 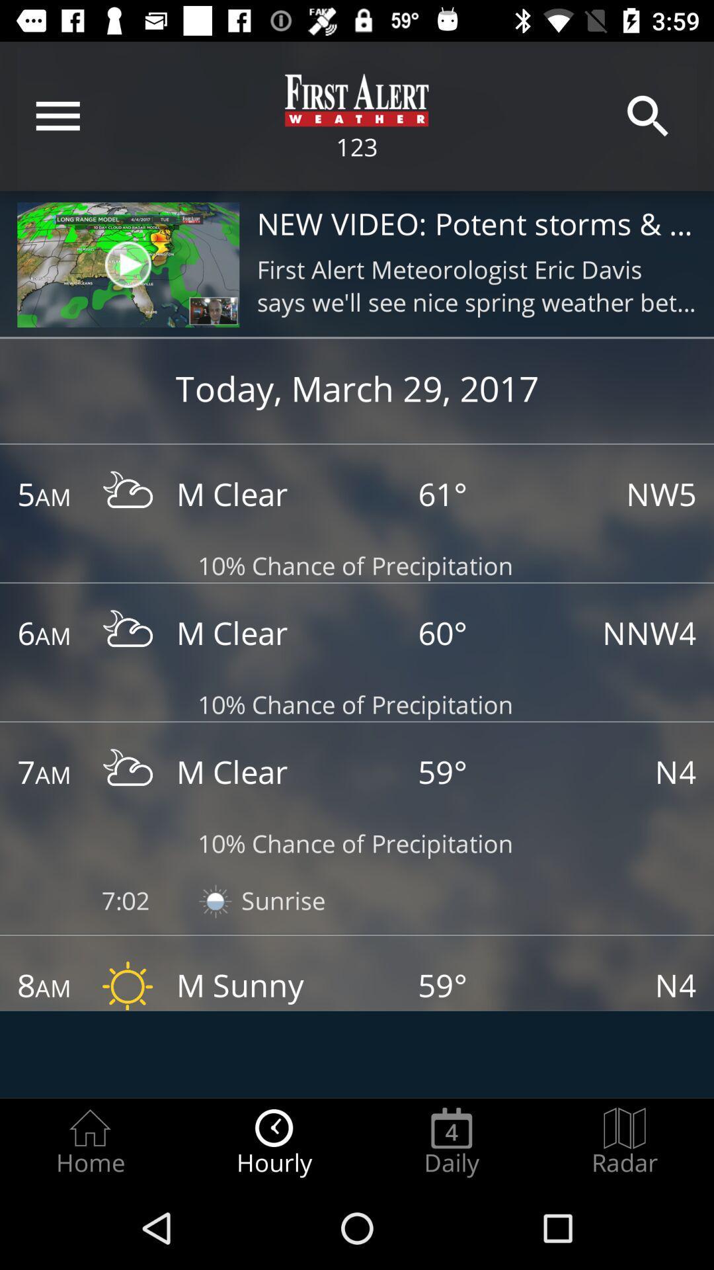 I want to click on the radar item, so click(x=625, y=1142).